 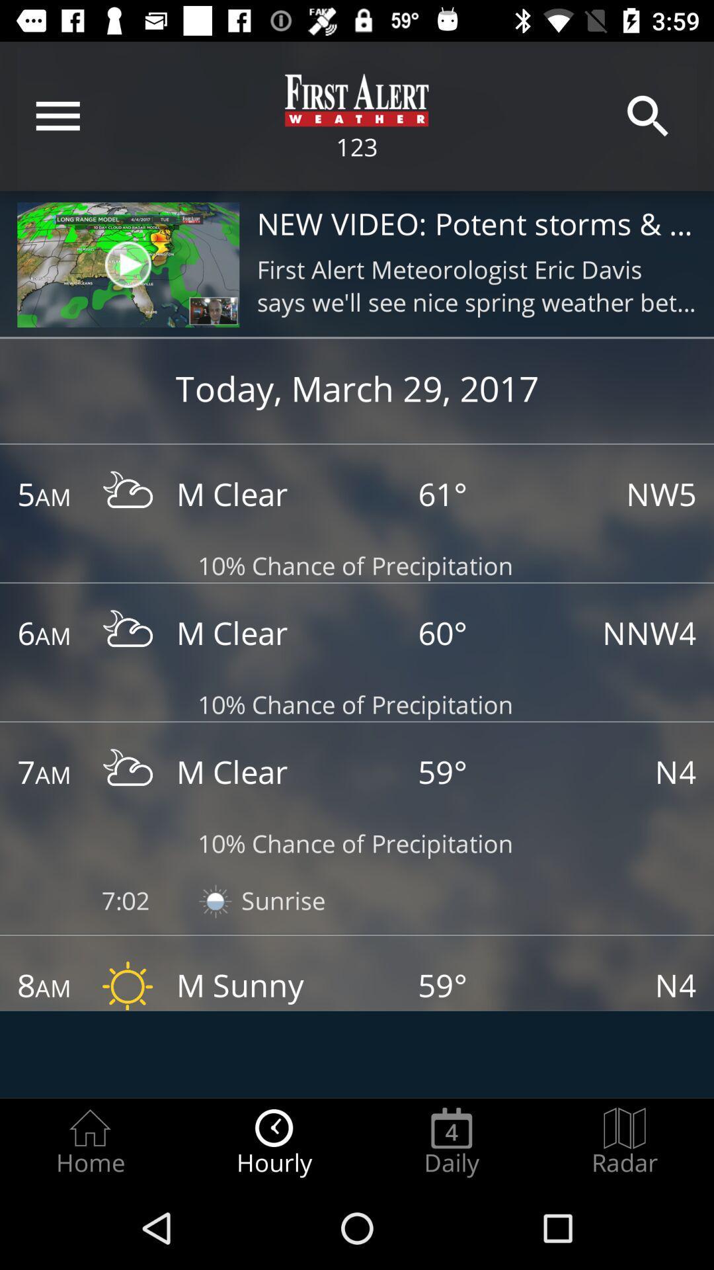 I want to click on the radar item, so click(x=625, y=1142).